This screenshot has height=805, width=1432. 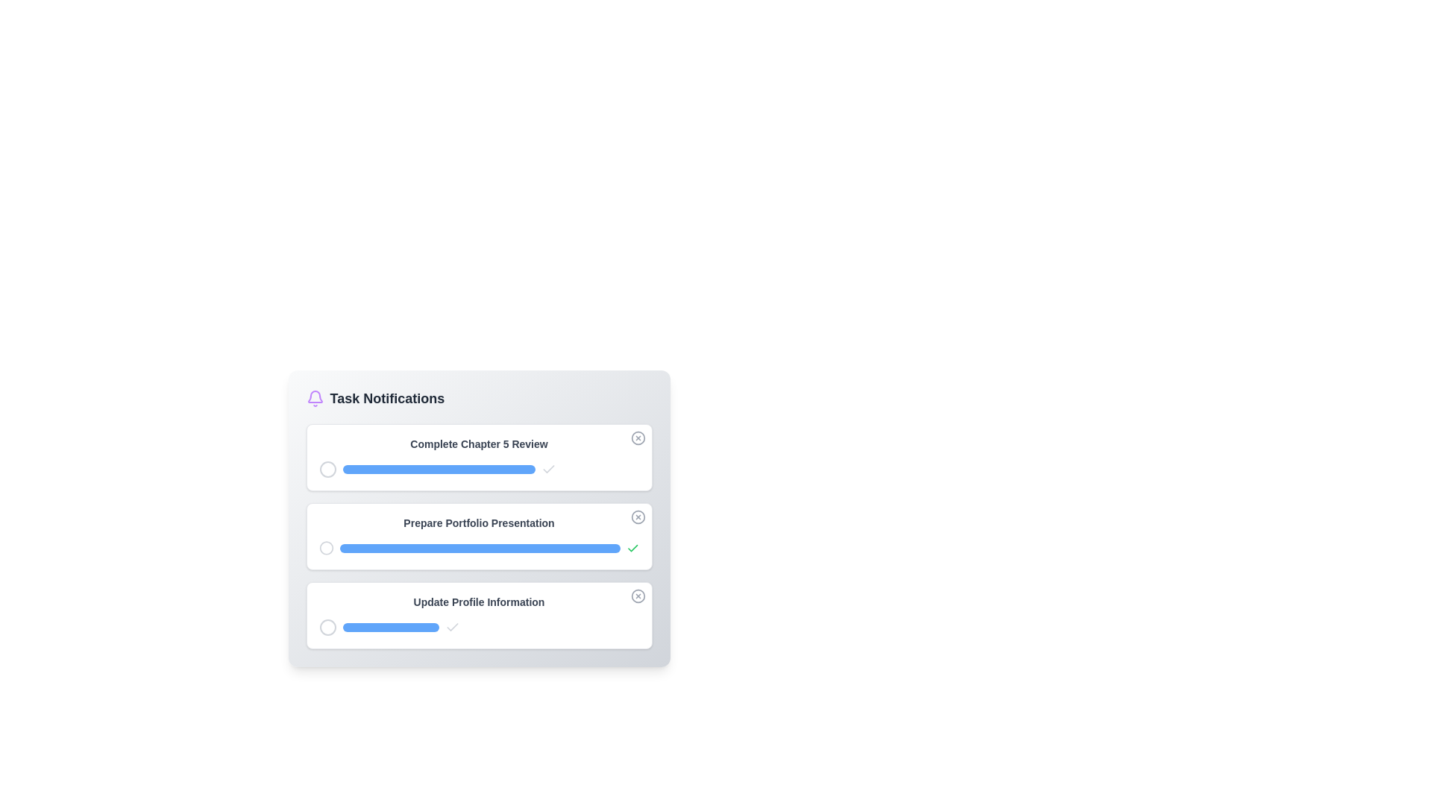 What do you see at coordinates (638, 517) in the screenshot?
I see `close button for the notification titled 'Prepare Portfolio Presentation'` at bounding box center [638, 517].